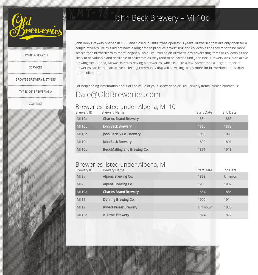 The width and height of the screenshot is (258, 275). I want to click on '1905', so click(201, 199).